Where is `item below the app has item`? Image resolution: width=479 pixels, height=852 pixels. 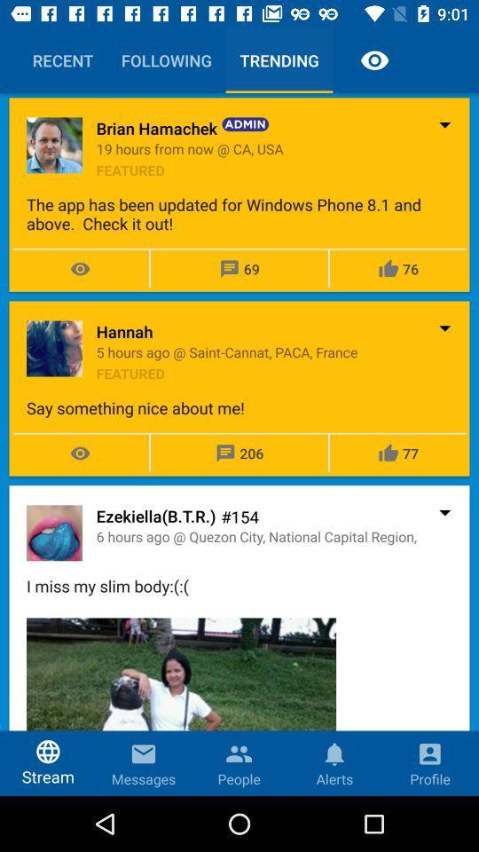 item below the app has item is located at coordinates (123, 330).